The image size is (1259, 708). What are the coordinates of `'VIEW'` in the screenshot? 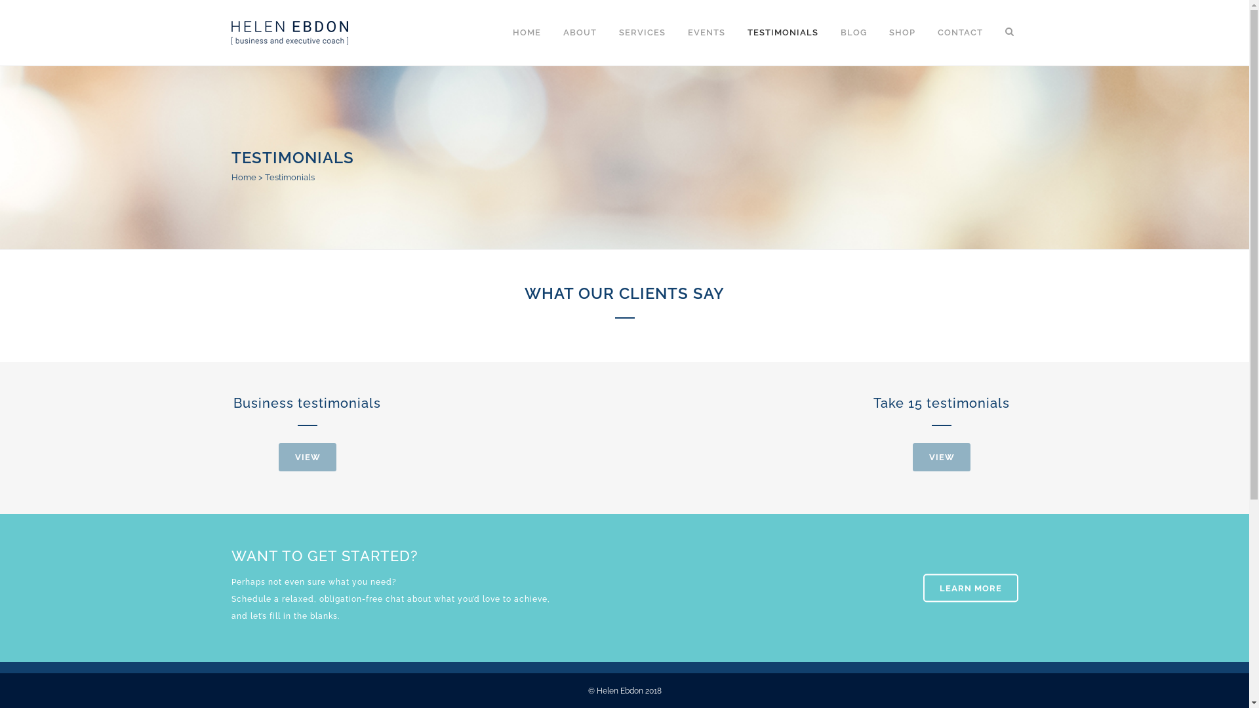 It's located at (912, 456).